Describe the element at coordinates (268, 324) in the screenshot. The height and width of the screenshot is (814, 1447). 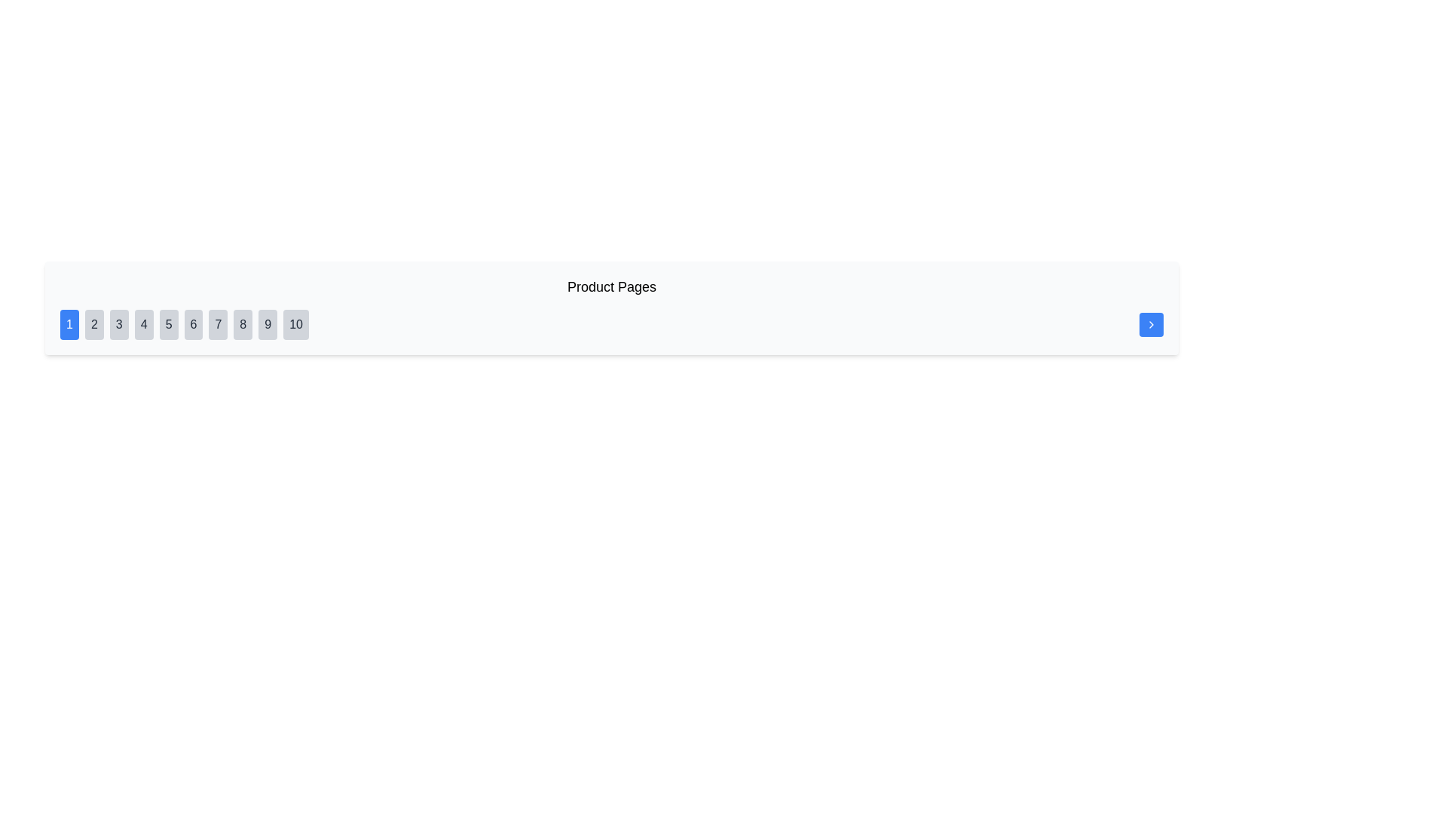
I see `the square button with a gray background labeled '9'` at that location.